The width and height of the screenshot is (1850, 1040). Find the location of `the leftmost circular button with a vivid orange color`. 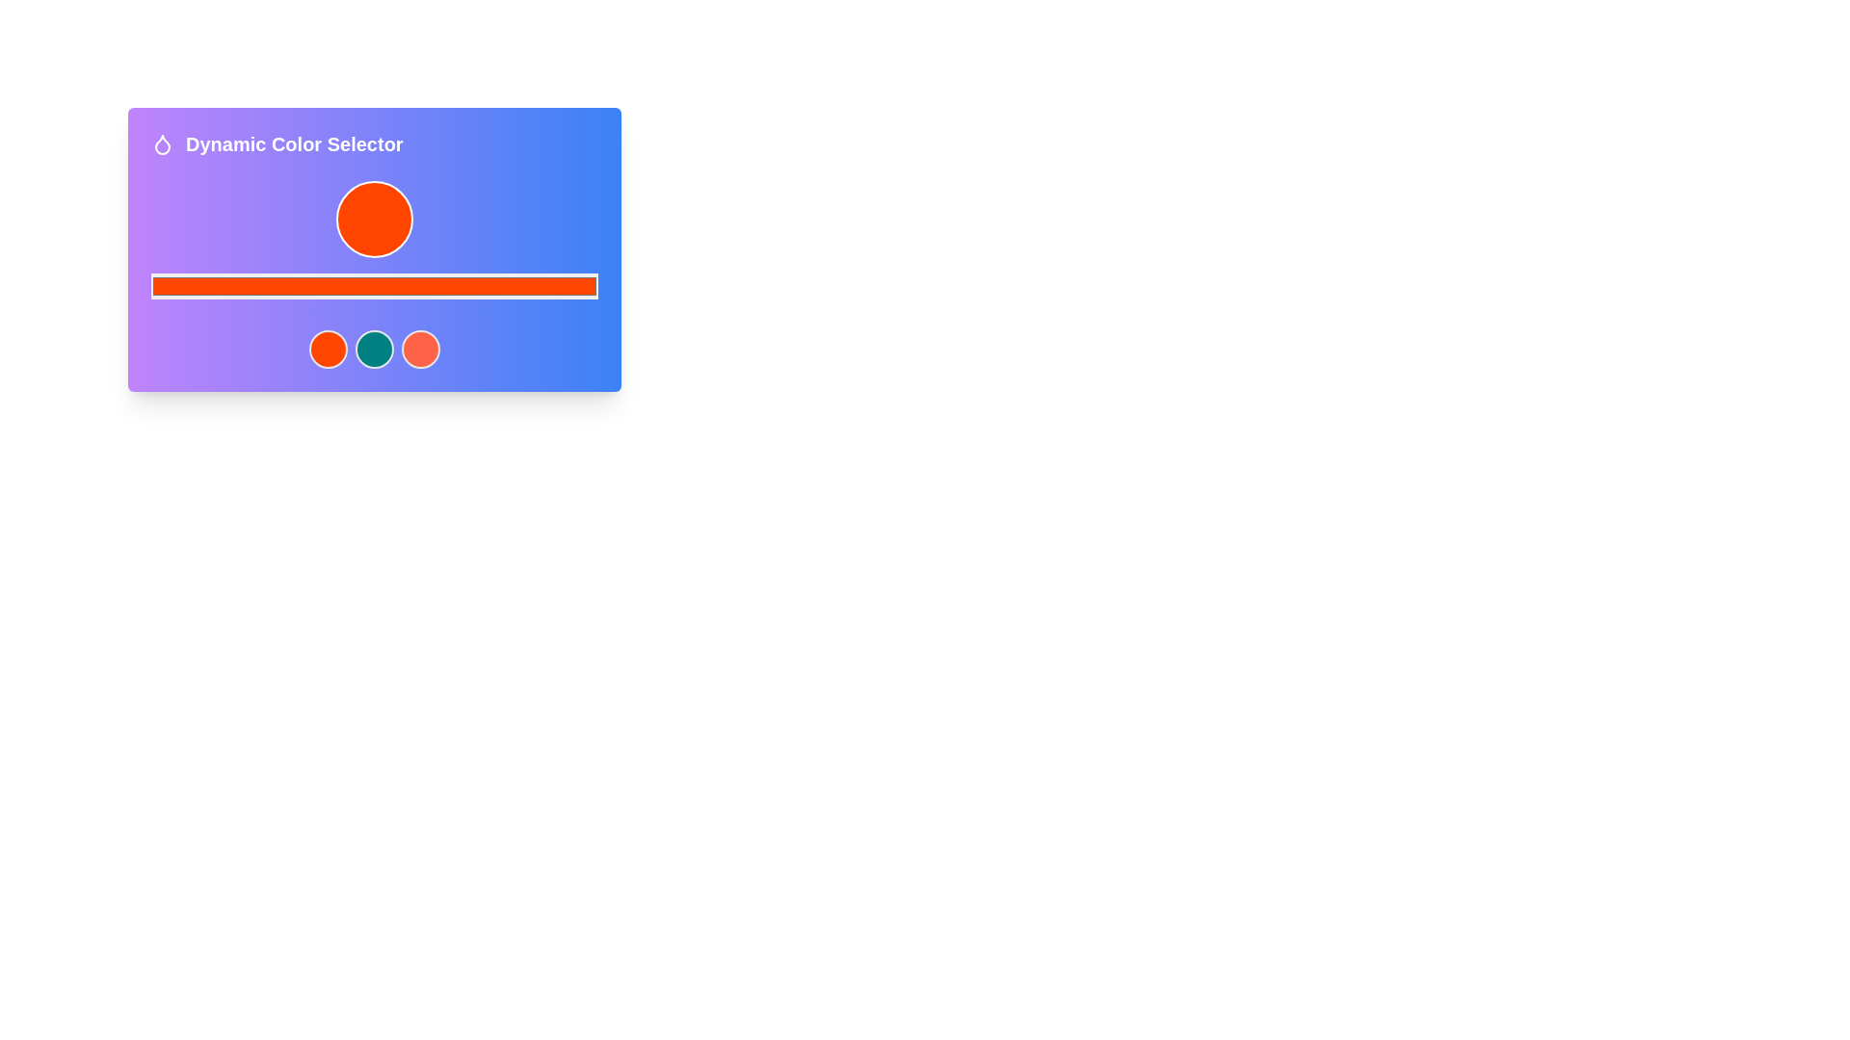

the leftmost circular button with a vivid orange color is located at coordinates (328, 349).